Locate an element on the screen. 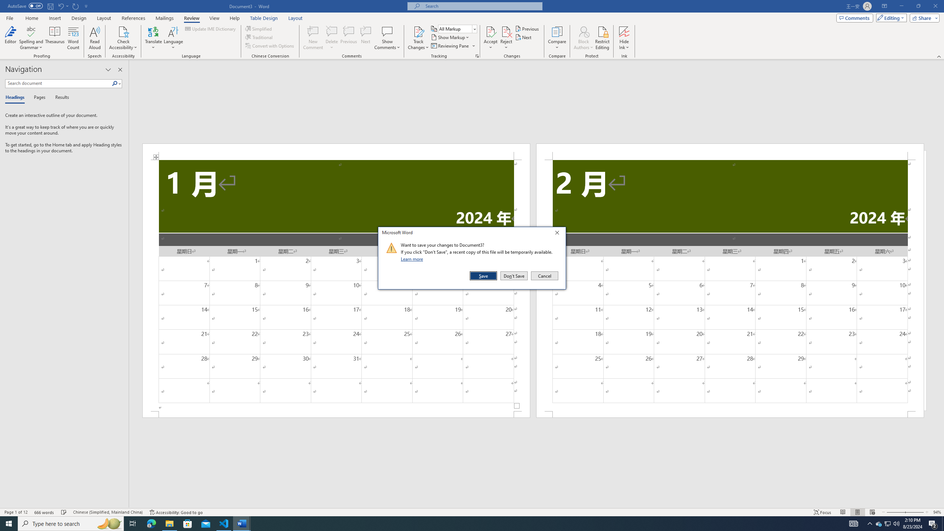  'Header -Section 2-' is located at coordinates (730, 151).